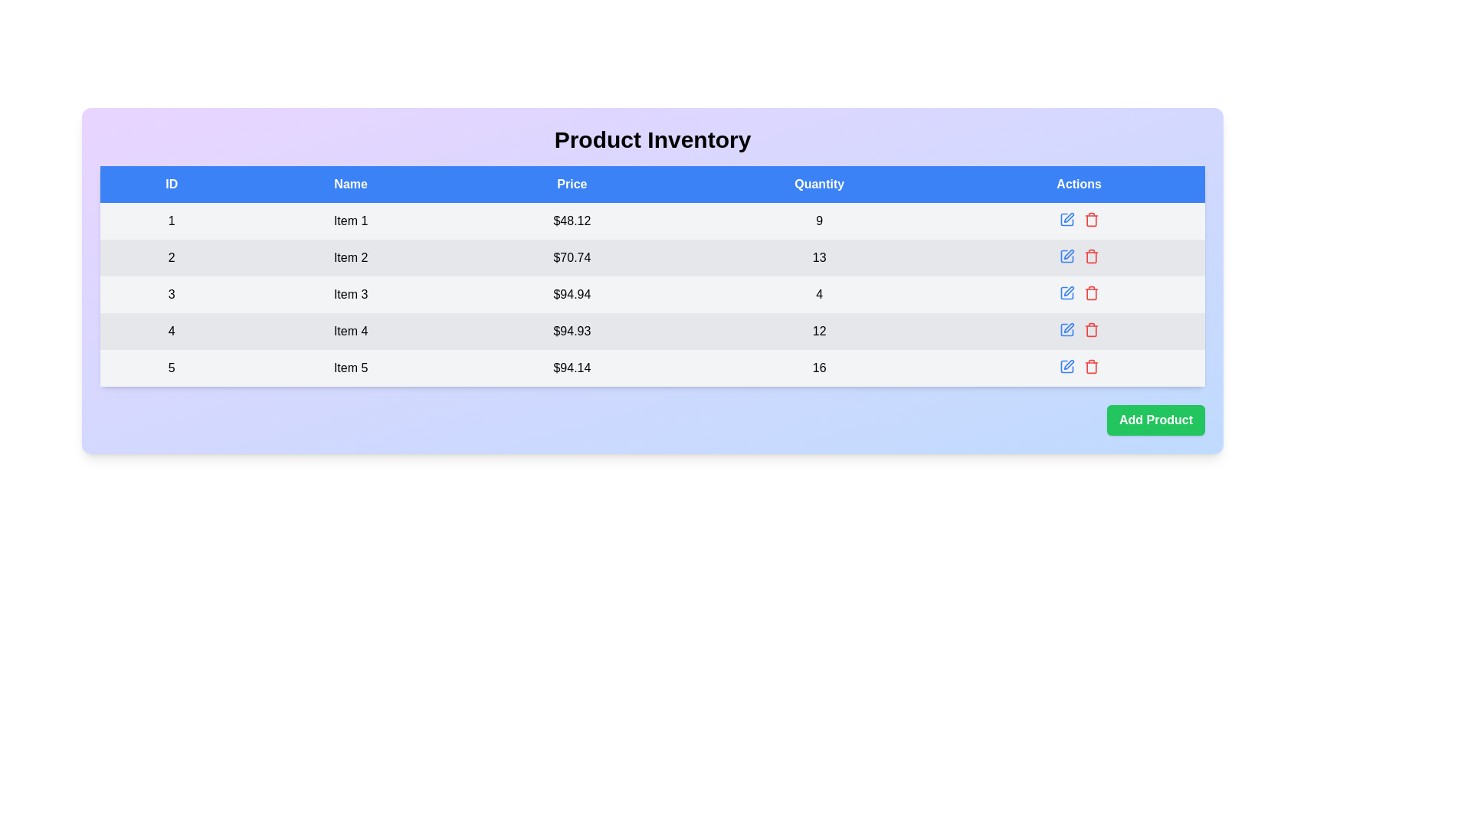 The width and height of the screenshot is (1471, 827). Describe the element at coordinates (1068, 253) in the screenshot. I see `the edit icon located in the 'Actions' column of the second table row, adjacent to the trash bin icon, to initiate the edit action for 'Item 2'` at that location.